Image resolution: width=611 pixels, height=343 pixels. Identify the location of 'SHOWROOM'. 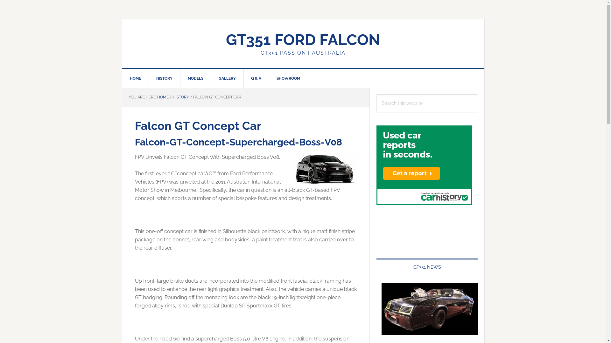
(288, 78).